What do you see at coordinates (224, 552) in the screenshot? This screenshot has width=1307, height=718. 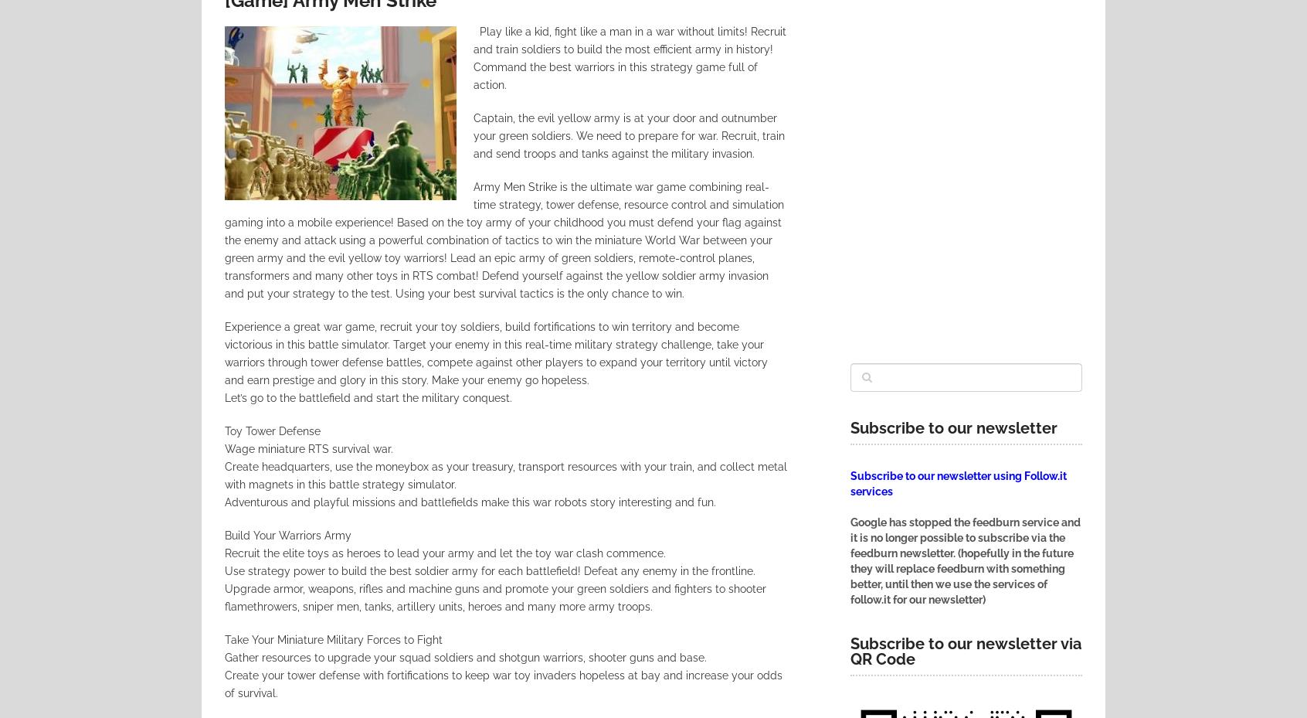 I see `'Recruit the elite toys as heroes to lead your army and let the toy war clash commence.'` at bounding box center [224, 552].